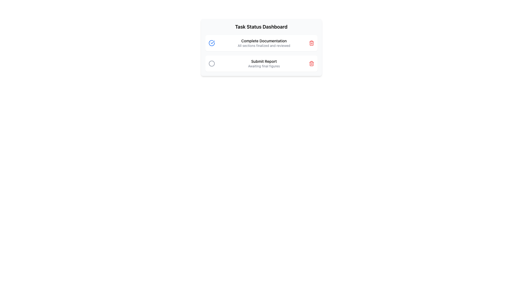 Image resolution: width=518 pixels, height=291 pixels. I want to click on the circular outline icon with a geometric design located to the left of the 'Submit Report' text in the second row of the task list, so click(211, 63).